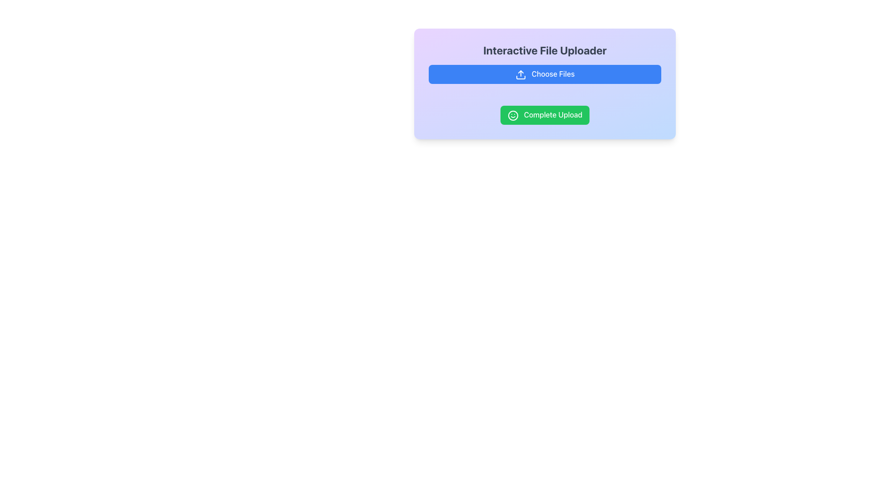 This screenshot has height=490, width=872. I want to click on the circular decorative icon that is part of the smiling face on the left side of the 'Complete Upload' button, so click(513, 115).